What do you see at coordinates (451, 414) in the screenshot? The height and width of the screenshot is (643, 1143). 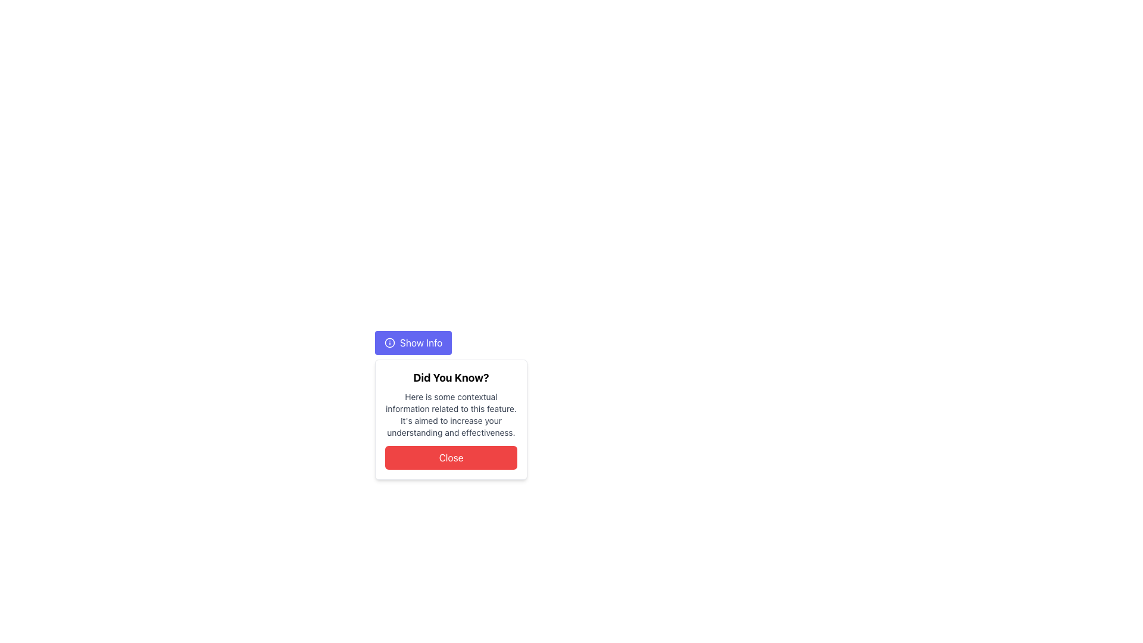 I see `the Text Block that displays additional information below the 'Did You Know?' header and above the 'Close' button` at bounding box center [451, 414].